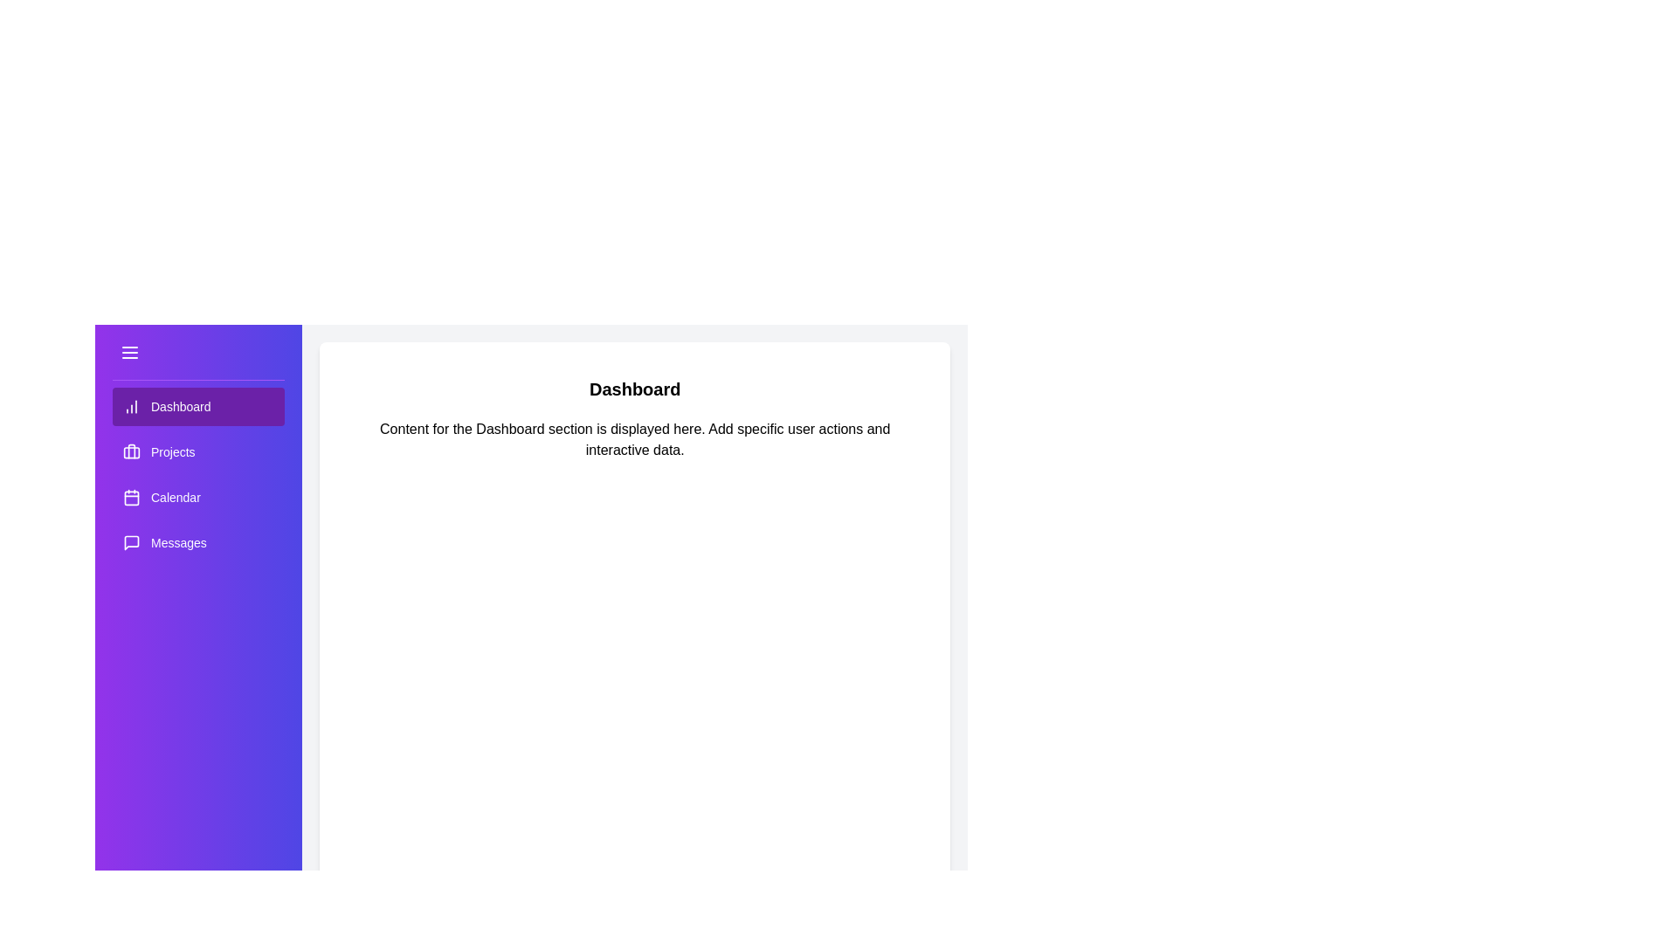 Image resolution: width=1677 pixels, height=943 pixels. Describe the element at coordinates (198, 407) in the screenshot. I see `the menu item labeled Dashboard to switch the content` at that location.